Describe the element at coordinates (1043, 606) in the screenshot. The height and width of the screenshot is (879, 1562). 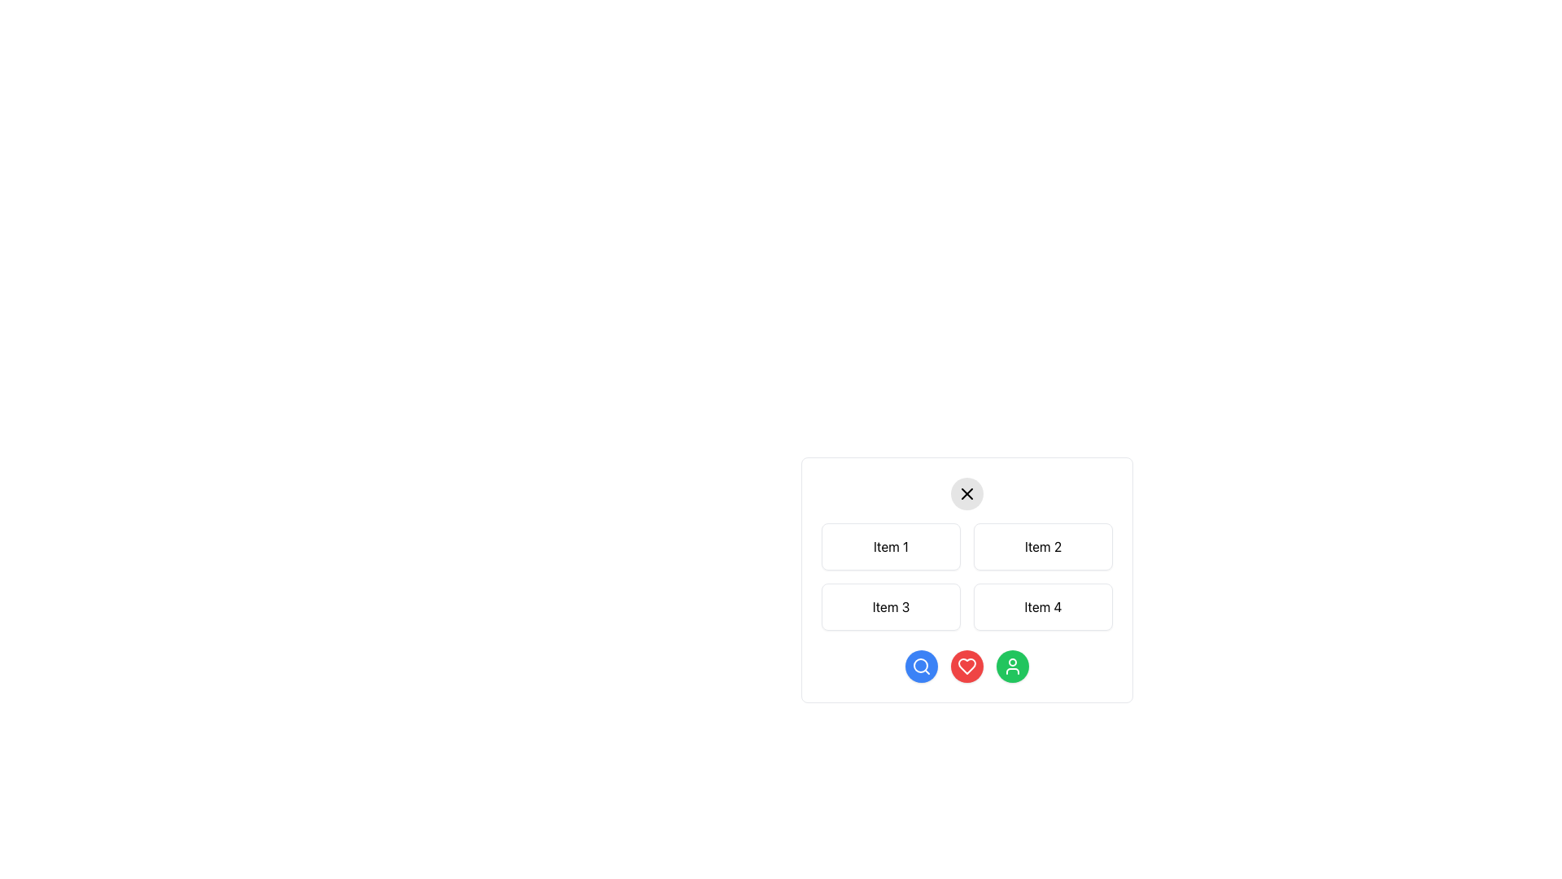
I see `the button labeled 'Item 4', located in the bottom-right slot of a 2x2 grid structure` at that location.